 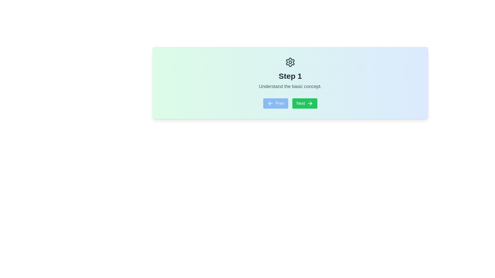 I want to click on the 'Step 1' text label, which is prominently displayed in large, bold, sans-serif typography in dark gray, positioned centrally within a light gradient background transitioning from green to blue, so click(x=290, y=76).